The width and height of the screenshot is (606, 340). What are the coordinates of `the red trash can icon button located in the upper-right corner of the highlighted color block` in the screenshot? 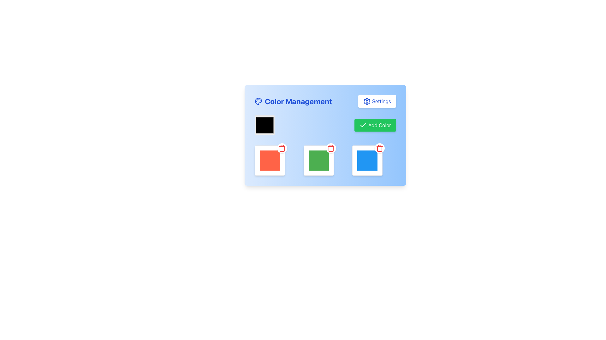 It's located at (282, 148).